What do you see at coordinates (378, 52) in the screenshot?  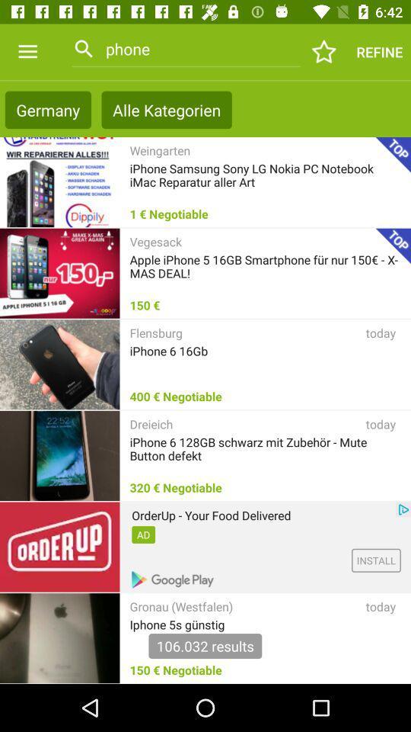 I see `refine icon` at bounding box center [378, 52].